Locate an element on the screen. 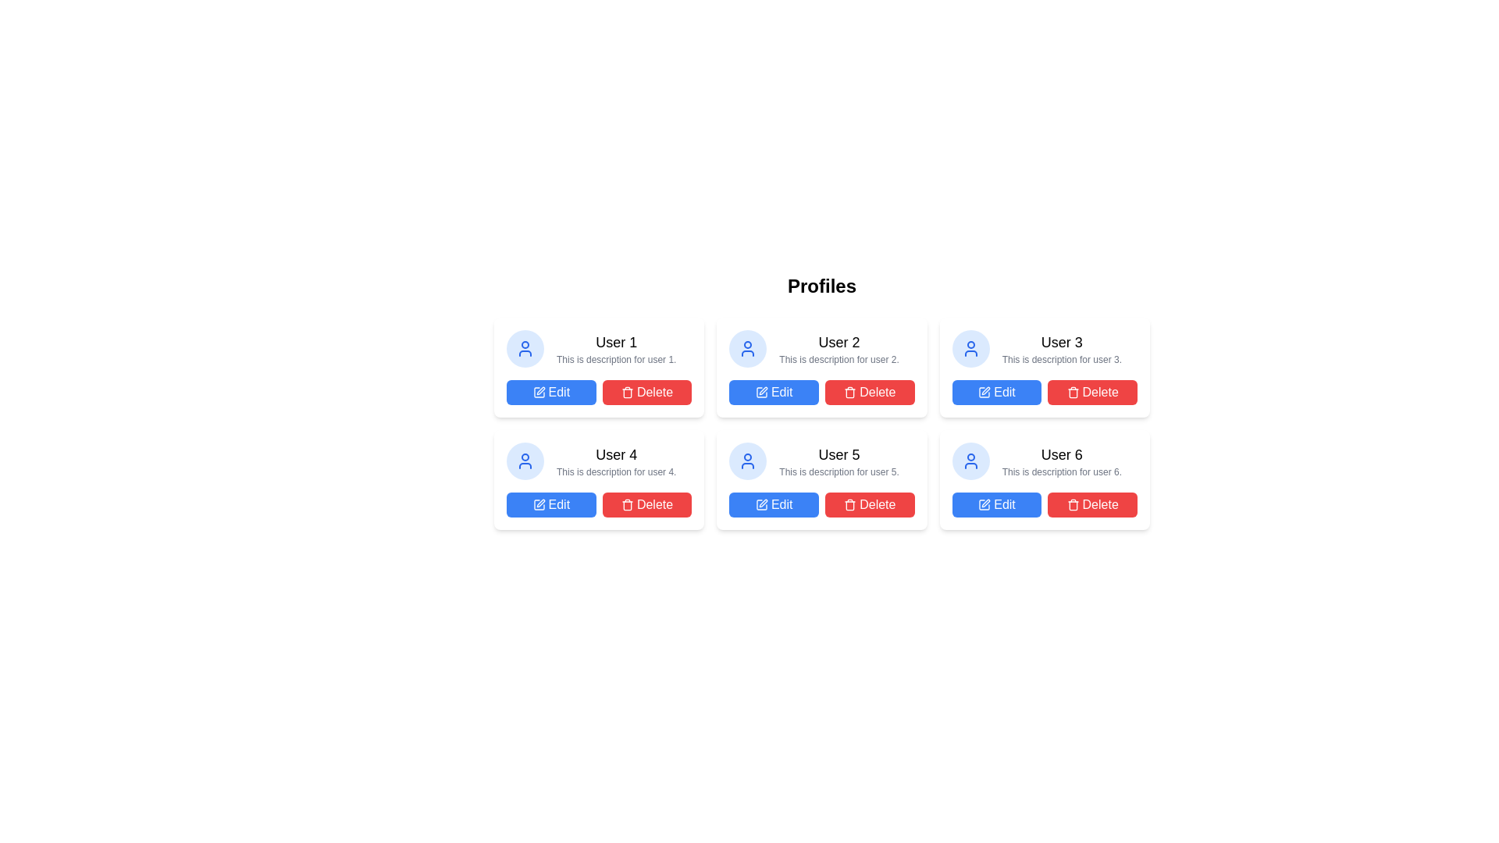  the text label displaying 'This is description for user 5.' which is styled with a small font size and gray color, located beneath the heading 'User 5' in the profile card interface is located at coordinates (839, 471).